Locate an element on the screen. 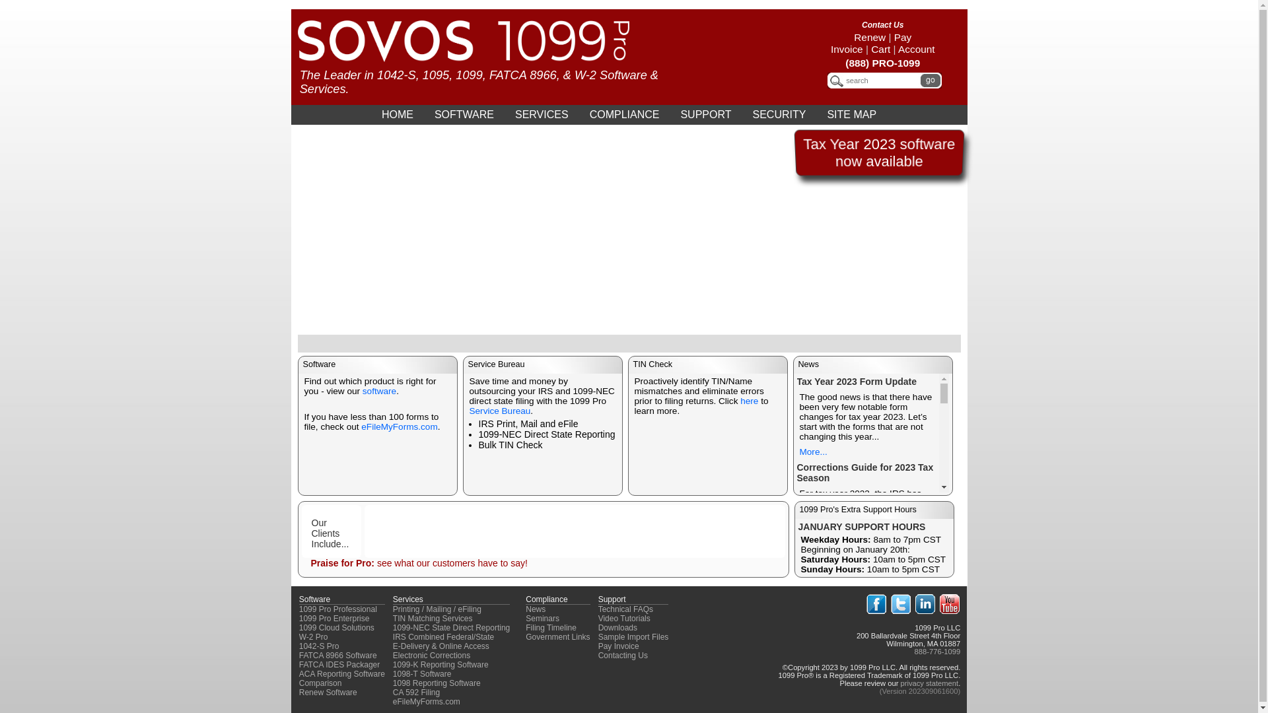  'Downloads' is located at coordinates (617, 627).